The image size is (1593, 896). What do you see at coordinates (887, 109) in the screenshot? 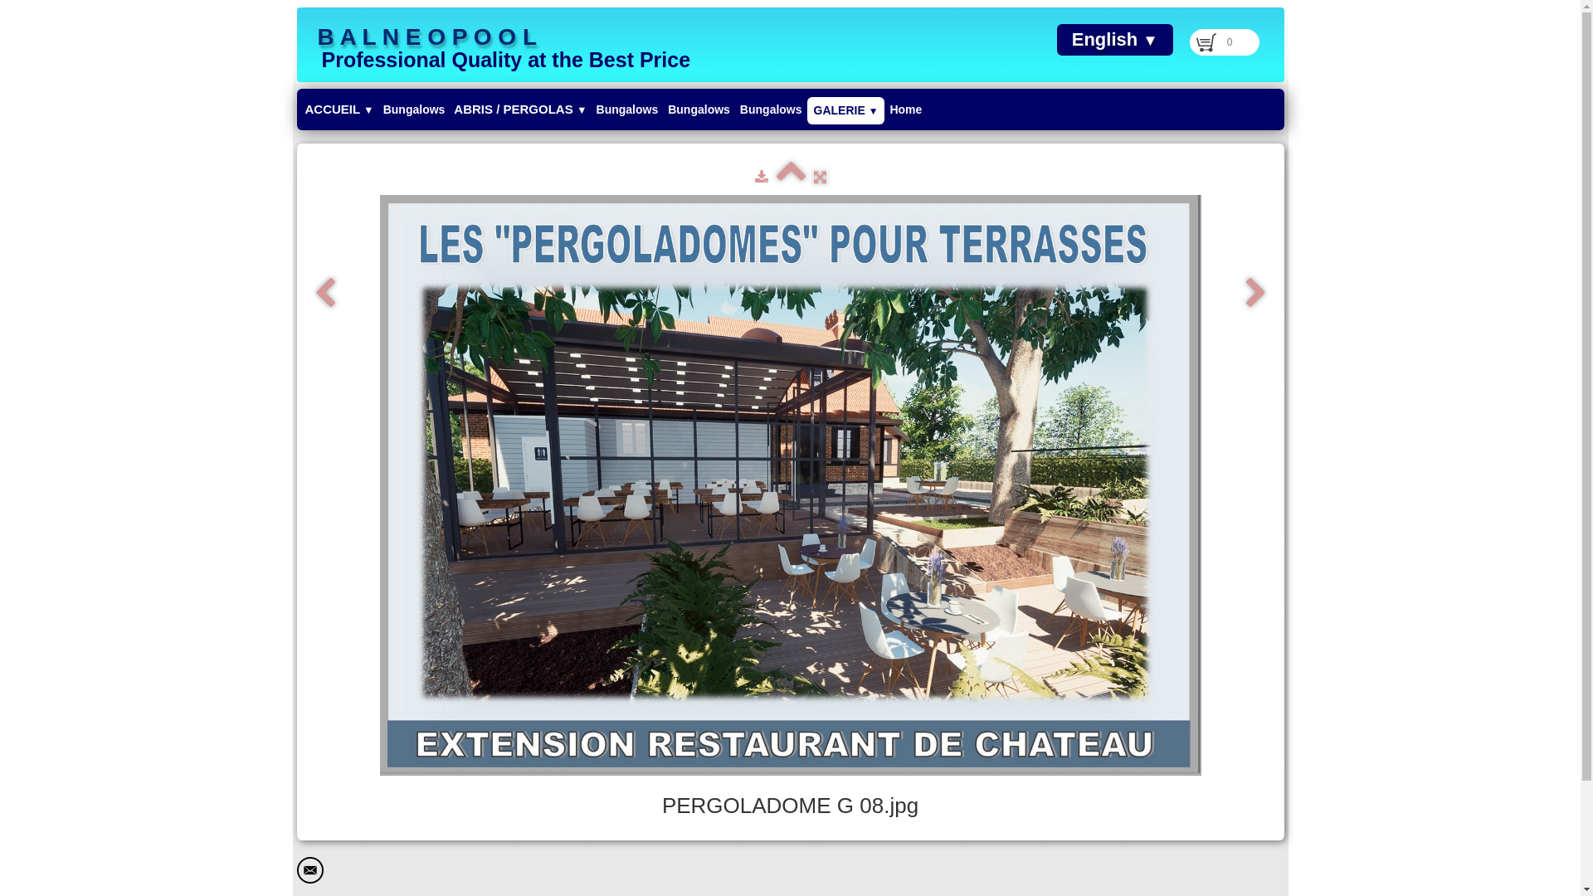
I see `'Home'` at bounding box center [887, 109].